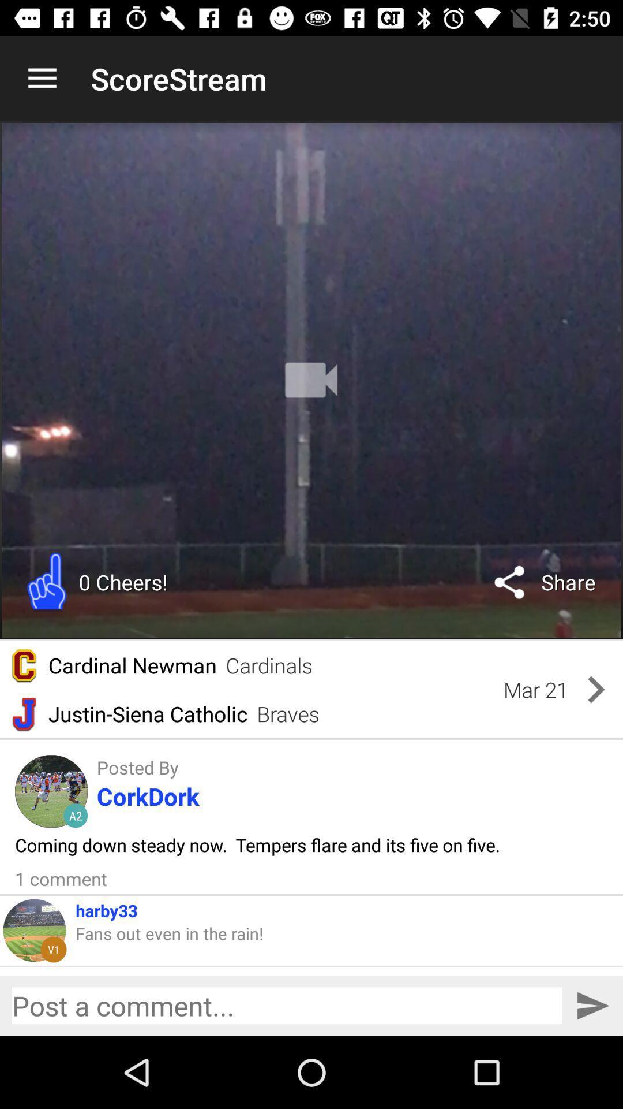 The width and height of the screenshot is (623, 1109). What do you see at coordinates (311, 380) in the screenshot?
I see `play` at bounding box center [311, 380].